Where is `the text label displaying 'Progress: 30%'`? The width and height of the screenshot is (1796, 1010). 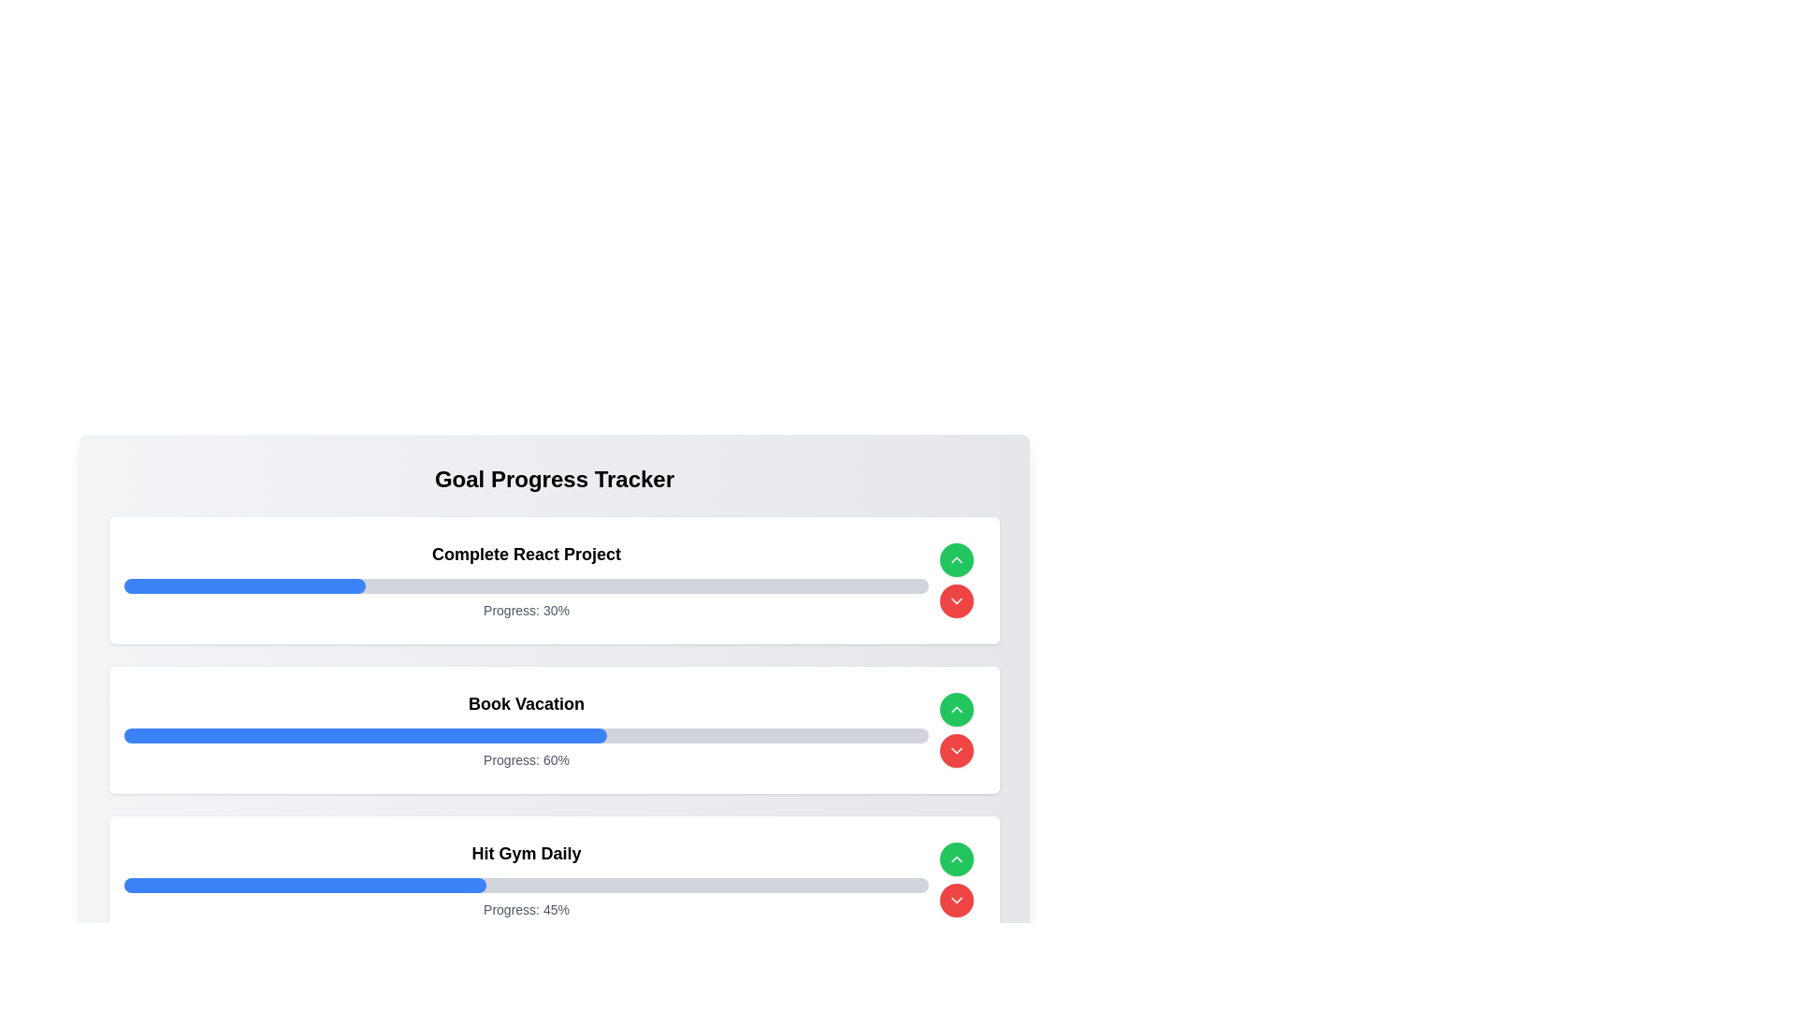 the text label displaying 'Progress: 30%' is located at coordinates (525, 610).